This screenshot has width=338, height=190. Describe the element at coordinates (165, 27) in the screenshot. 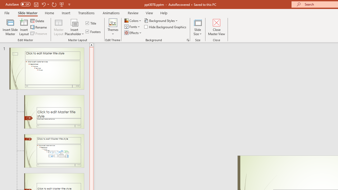

I see `'Hide Background Graphics'` at that location.